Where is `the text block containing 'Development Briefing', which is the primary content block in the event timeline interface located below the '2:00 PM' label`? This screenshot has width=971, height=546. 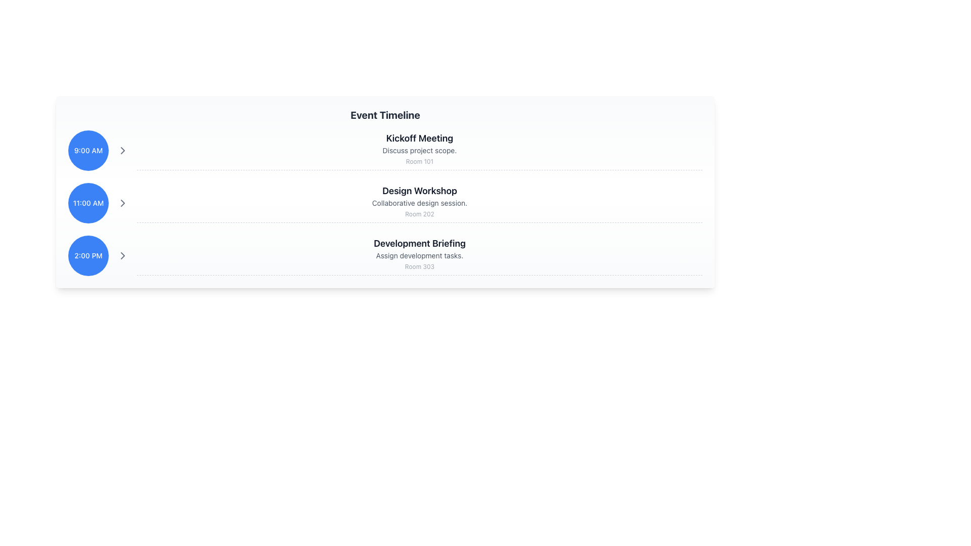
the text block containing 'Development Briefing', which is the primary content block in the event timeline interface located below the '2:00 PM' label is located at coordinates (420, 255).